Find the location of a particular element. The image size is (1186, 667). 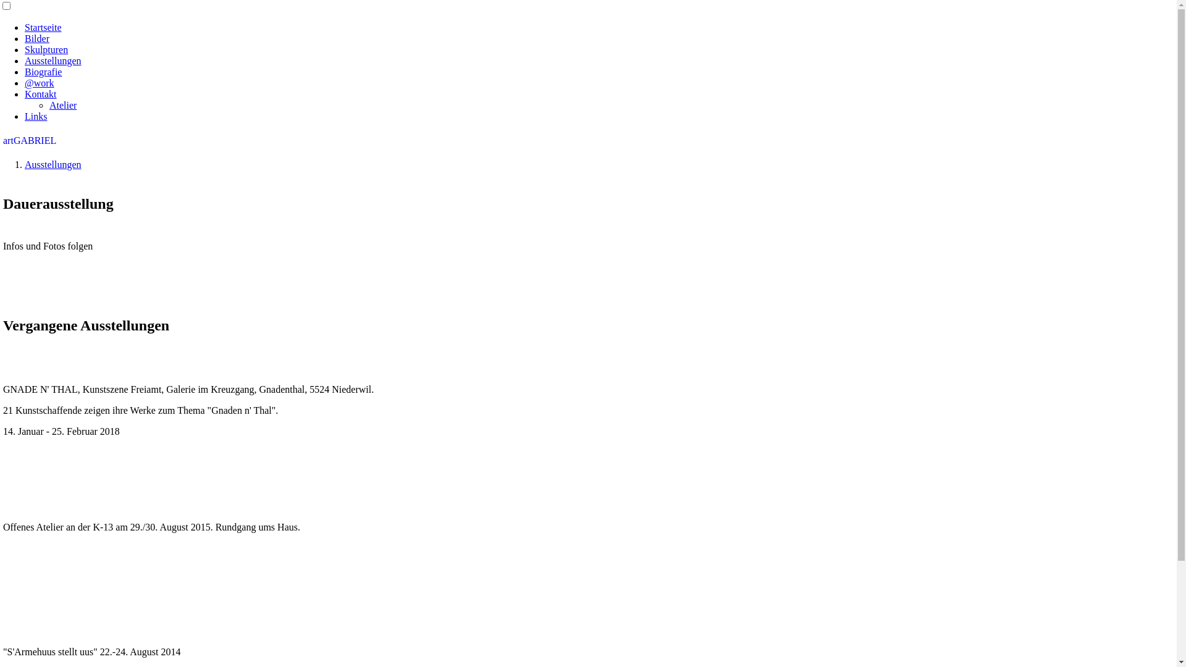

'Bilder' is located at coordinates (36, 38).